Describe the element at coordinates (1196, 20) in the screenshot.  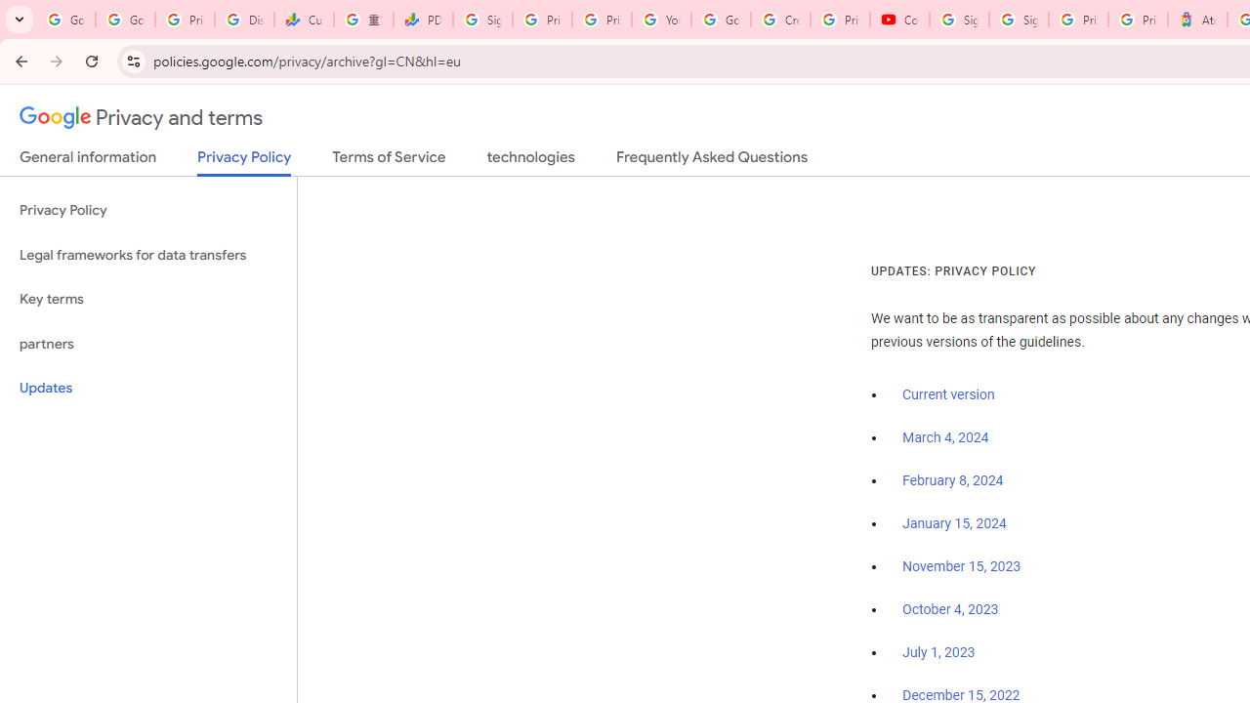
I see `'Atour Hotel - Google hotels'` at that location.